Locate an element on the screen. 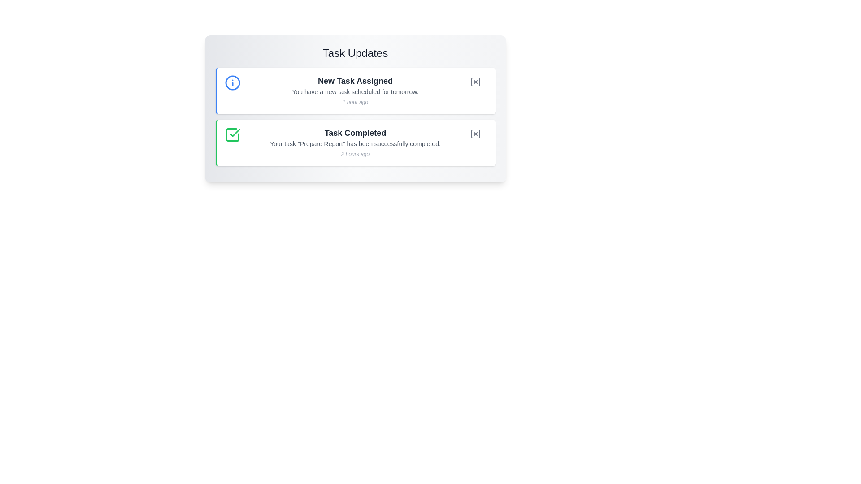 Image resolution: width=861 pixels, height=484 pixels. the SVG graphic icon indicating task completion located in the 'Task Completed' notification card, positioned near the top-left corner of the card is located at coordinates (235, 133).